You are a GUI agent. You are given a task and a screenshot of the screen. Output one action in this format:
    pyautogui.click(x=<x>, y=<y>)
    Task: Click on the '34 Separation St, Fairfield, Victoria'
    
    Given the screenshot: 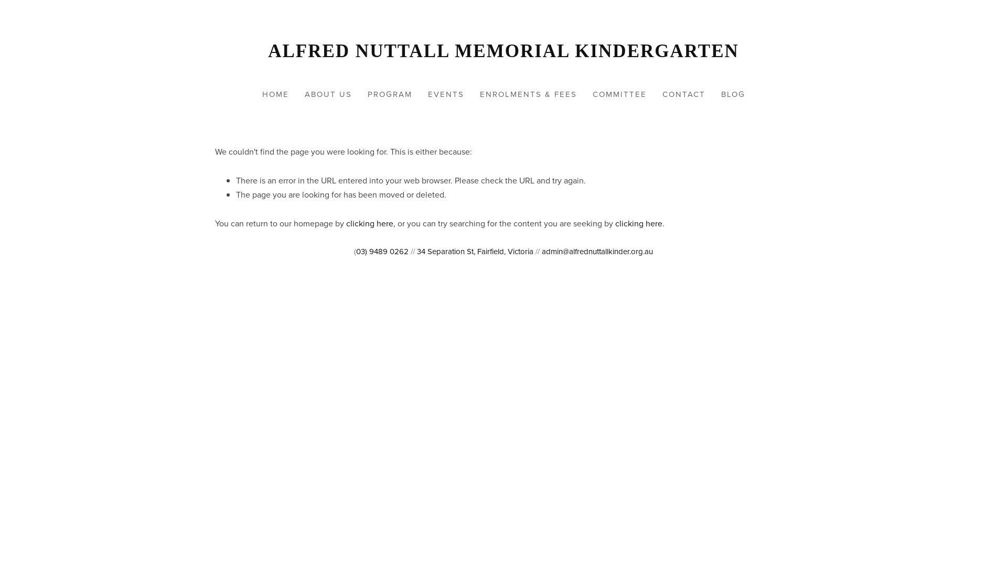 What is the action you would take?
    pyautogui.click(x=475, y=251)
    